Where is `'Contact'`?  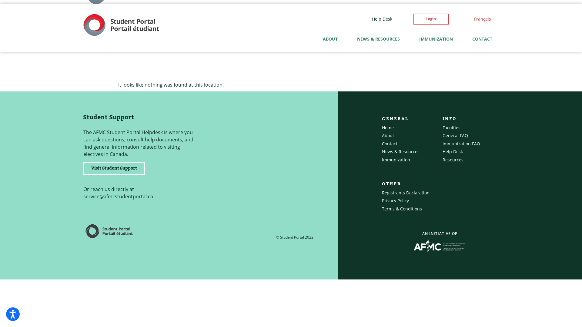
'Contact' is located at coordinates (390, 144).